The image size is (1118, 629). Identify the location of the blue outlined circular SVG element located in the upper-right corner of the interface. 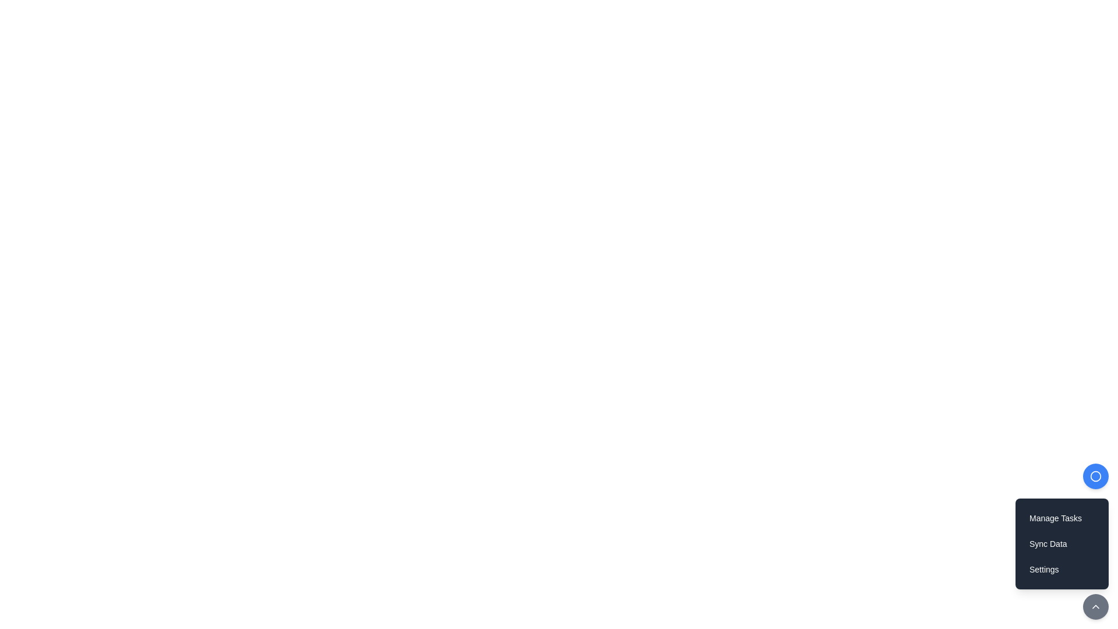
(1095, 476).